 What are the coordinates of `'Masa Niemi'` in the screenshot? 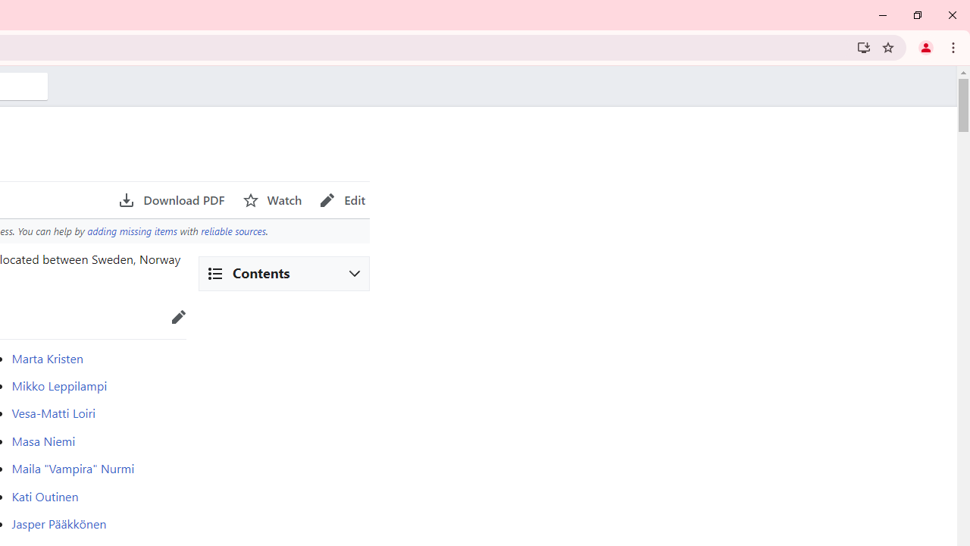 It's located at (43, 441).